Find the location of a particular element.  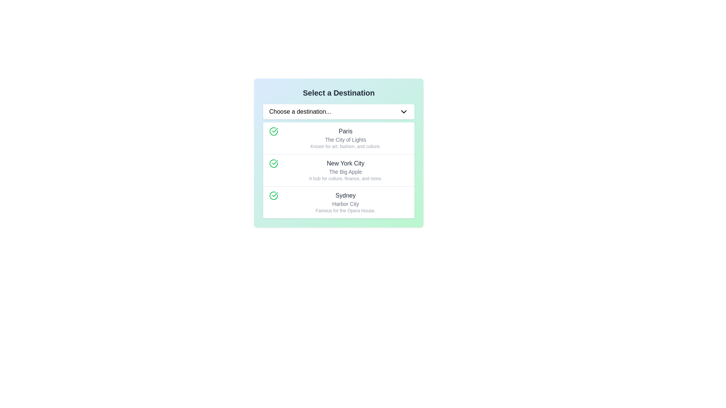

the second item in the destination selection list is located at coordinates (338, 170).